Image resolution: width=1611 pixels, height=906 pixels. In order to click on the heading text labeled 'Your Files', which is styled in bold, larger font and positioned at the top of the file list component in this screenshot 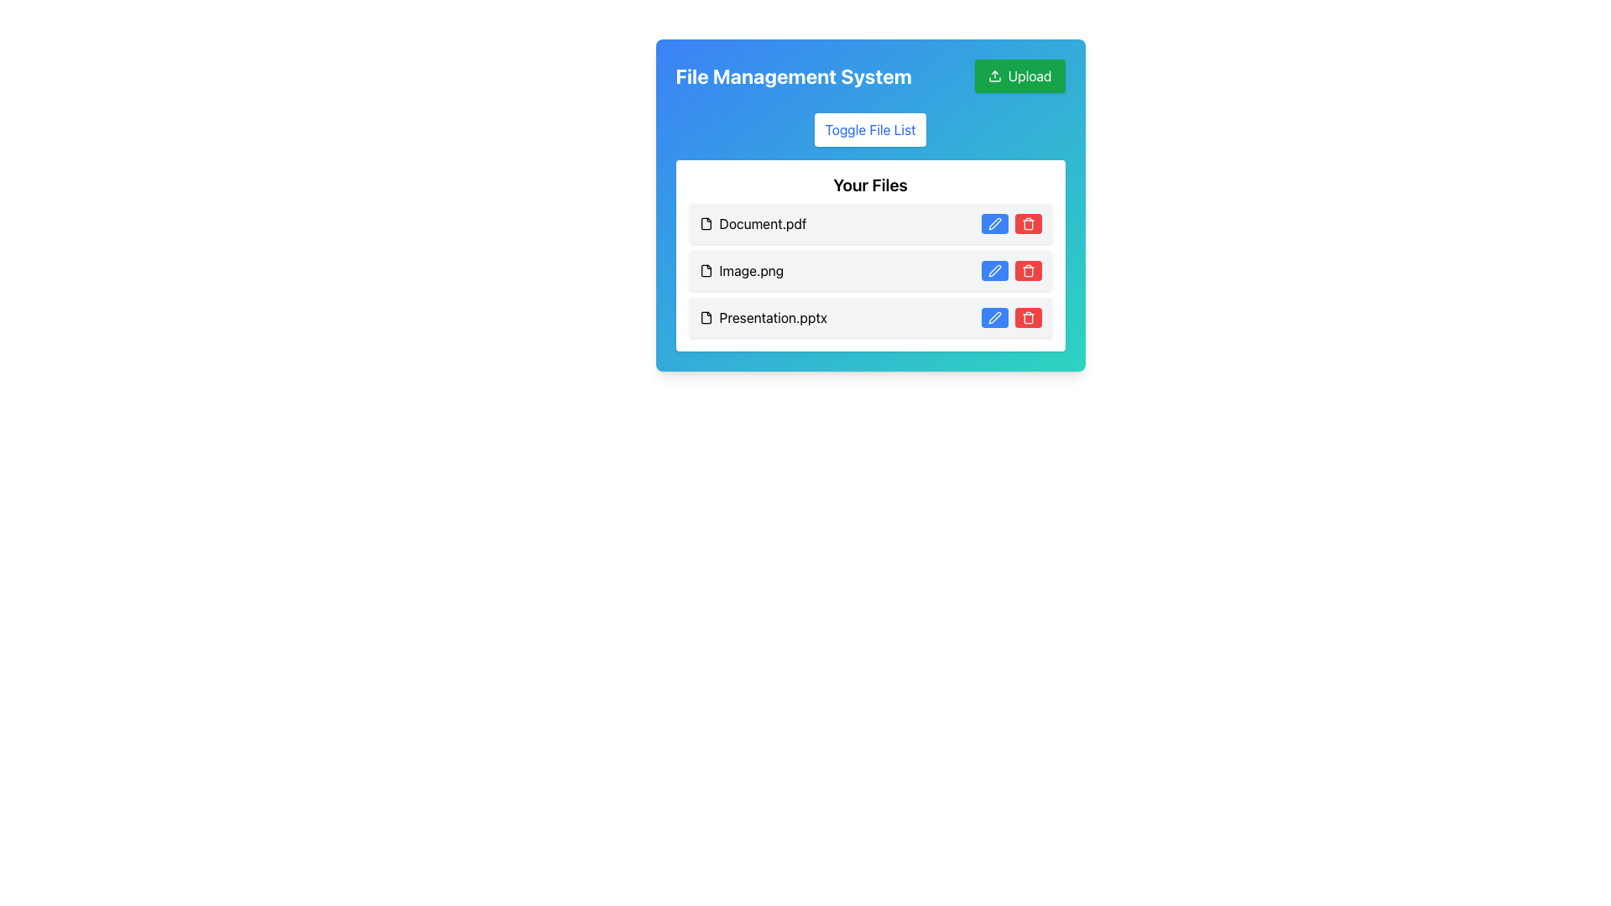, I will do `click(870, 185)`.